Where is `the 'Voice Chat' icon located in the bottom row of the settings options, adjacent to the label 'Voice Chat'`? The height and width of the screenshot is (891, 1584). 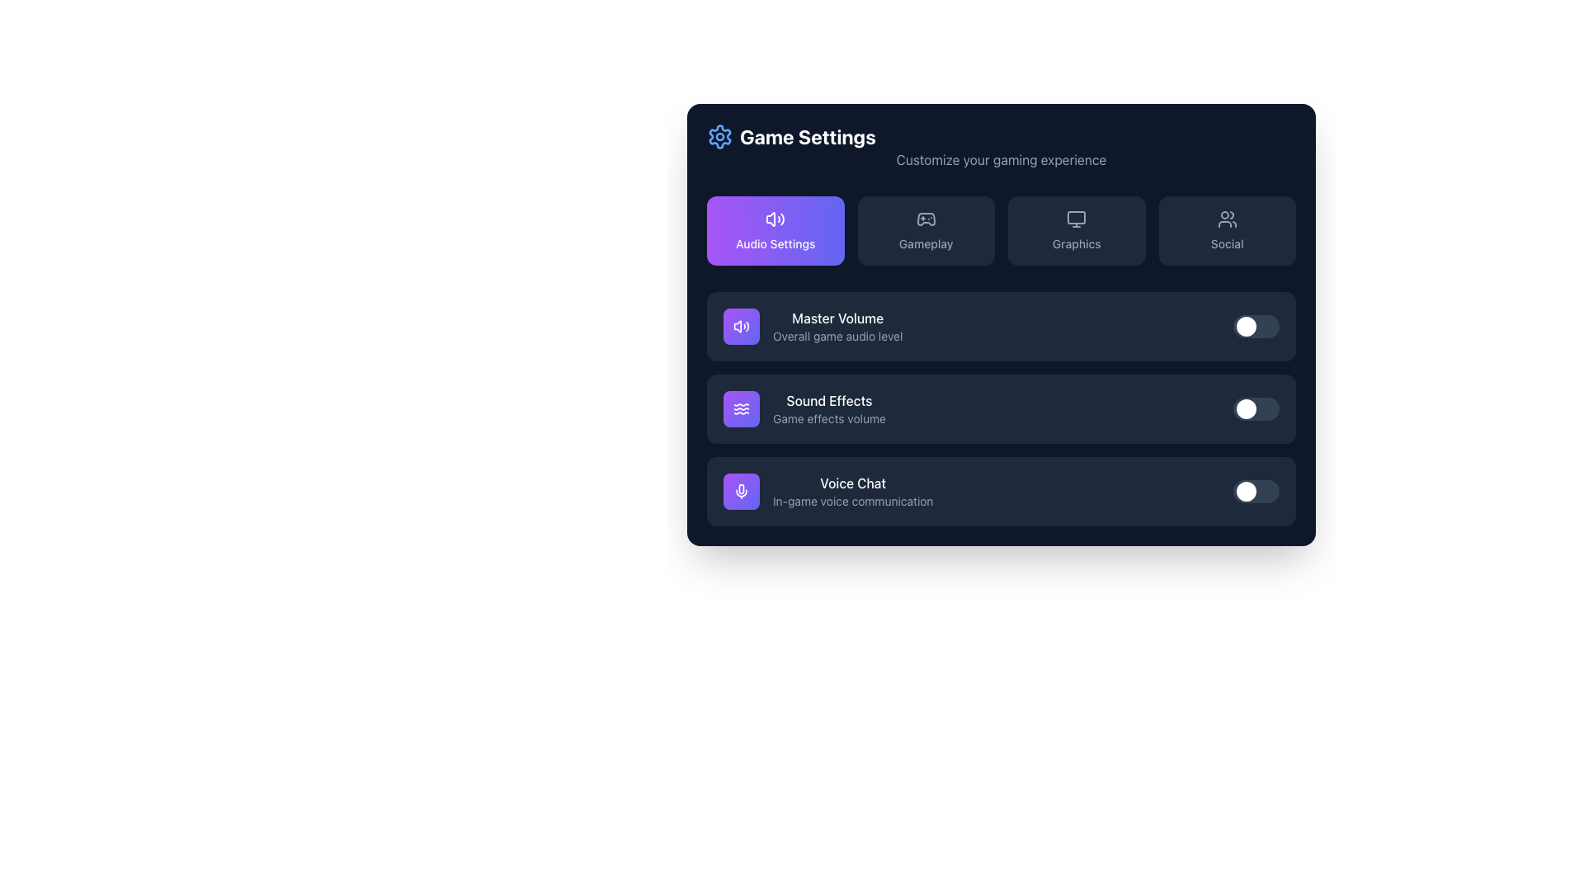
the 'Voice Chat' icon located in the bottom row of the settings options, adjacent to the label 'Voice Chat' is located at coordinates (740, 491).